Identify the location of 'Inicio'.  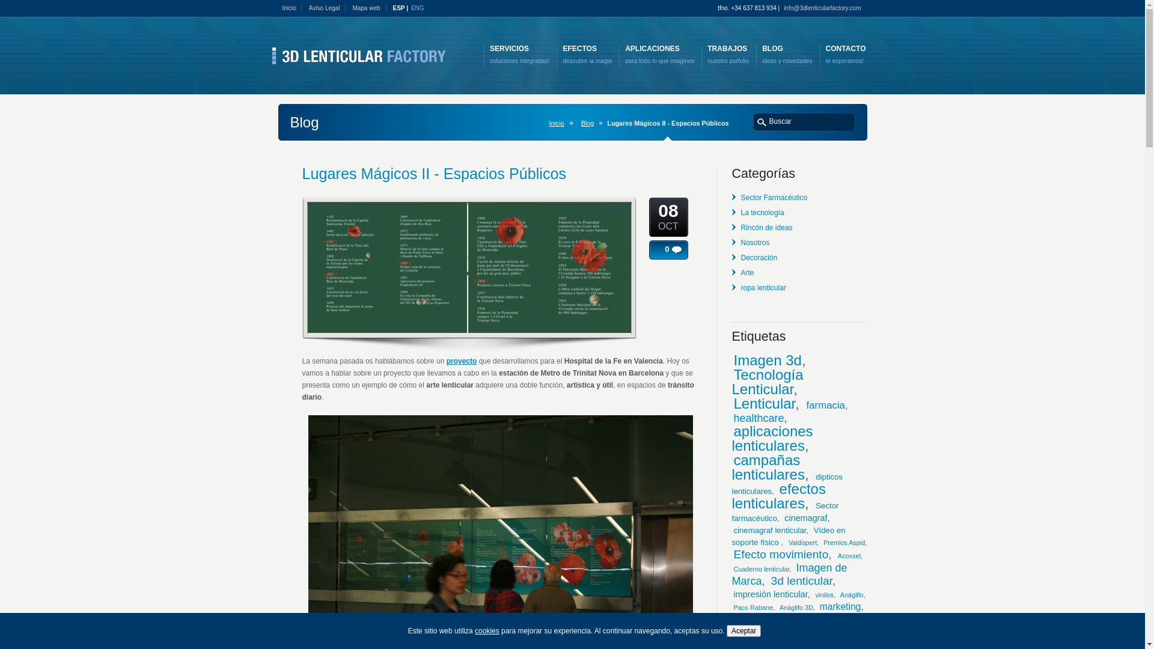
(558, 123).